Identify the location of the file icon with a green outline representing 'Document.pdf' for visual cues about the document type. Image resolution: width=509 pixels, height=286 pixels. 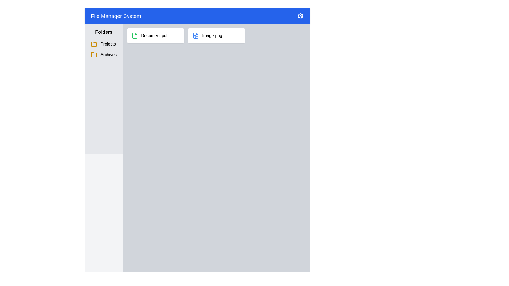
(135, 36).